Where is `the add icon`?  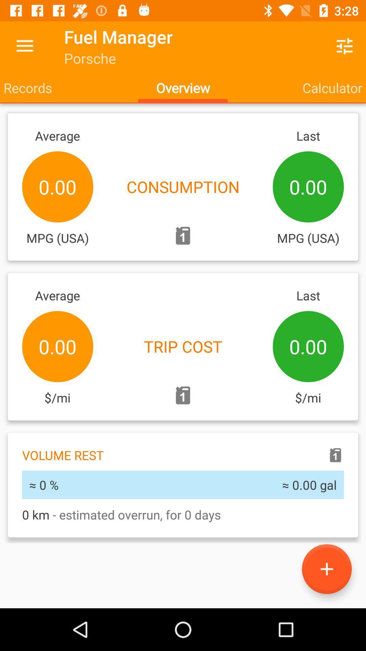
the add icon is located at coordinates (326, 569).